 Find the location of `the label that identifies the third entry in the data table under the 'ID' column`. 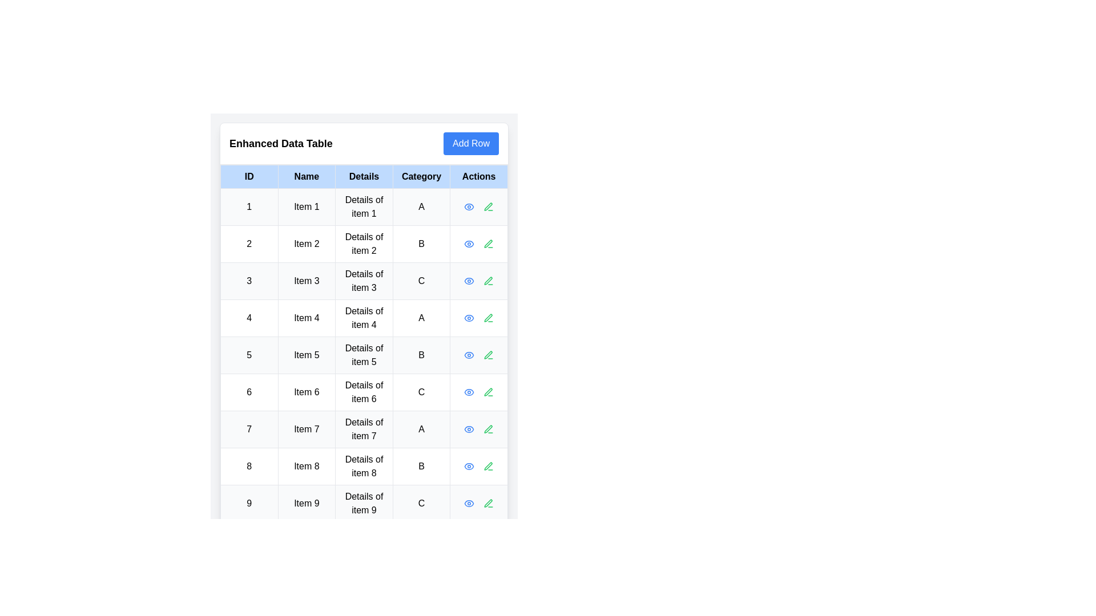

the label that identifies the third entry in the data table under the 'ID' column is located at coordinates (248, 281).